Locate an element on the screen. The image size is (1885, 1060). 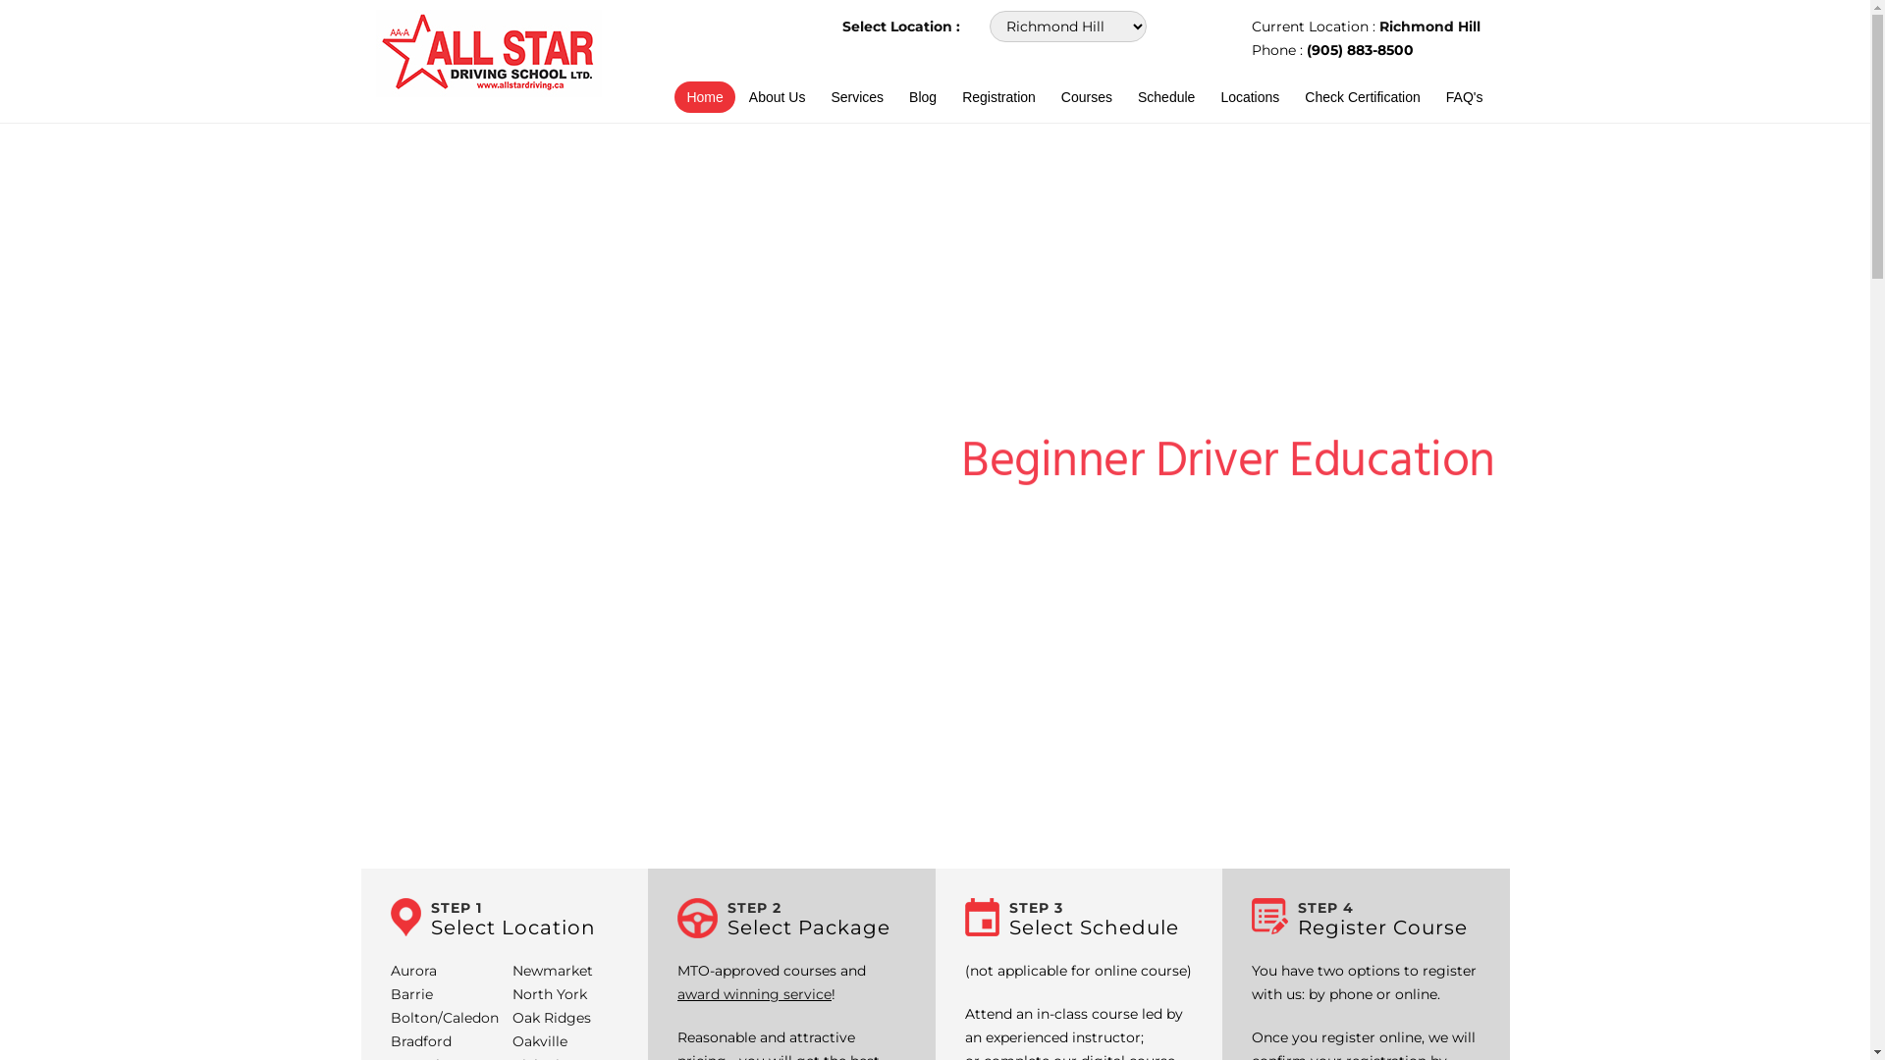
'Bradford' is located at coordinates (419, 1039).